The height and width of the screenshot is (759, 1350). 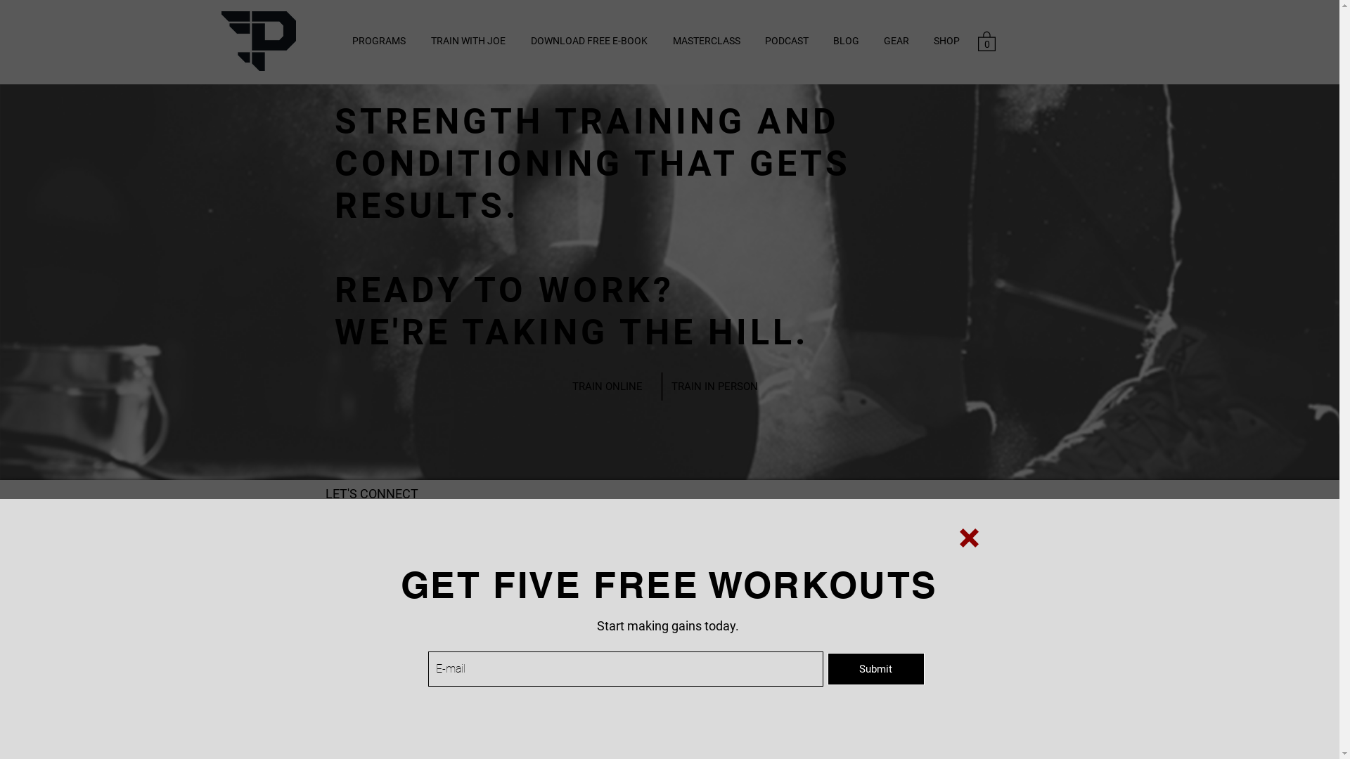 I want to click on 'PODCAST', so click(x=752, y=40).